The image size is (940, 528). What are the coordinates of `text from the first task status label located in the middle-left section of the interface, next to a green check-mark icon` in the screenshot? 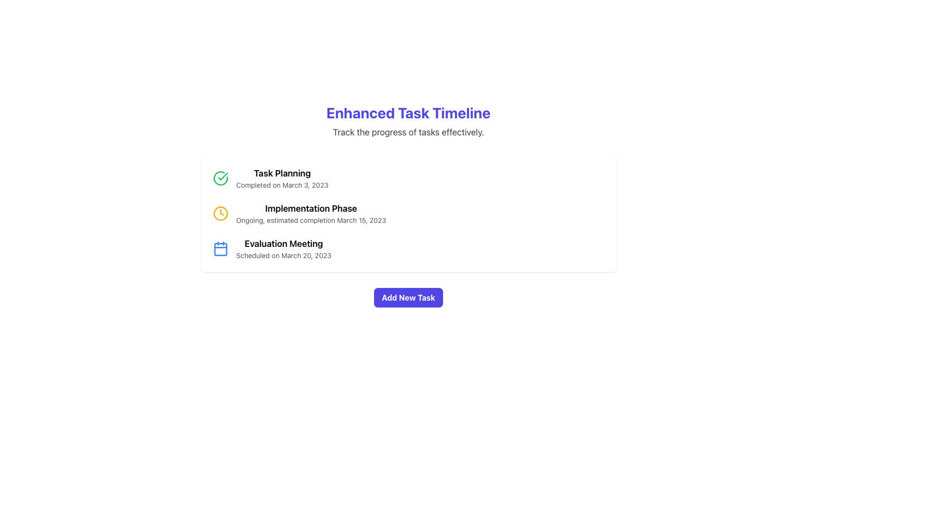 It's located at (282, 178).